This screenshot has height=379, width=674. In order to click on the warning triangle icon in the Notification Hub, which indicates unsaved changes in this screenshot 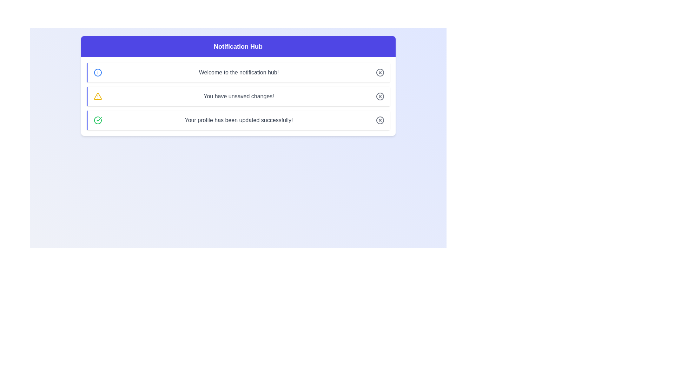, I will do `click(97, 96)`.